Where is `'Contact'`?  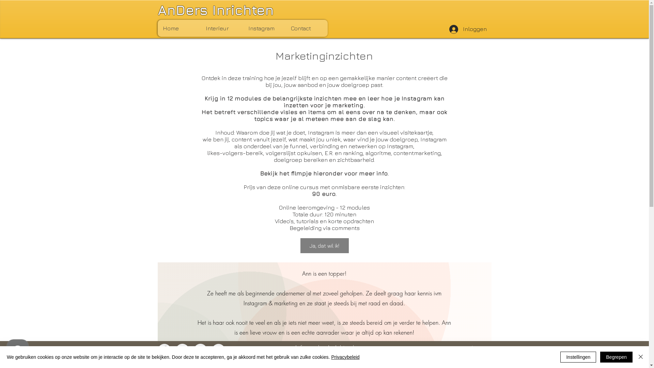
'Contact' is located at coordinates (306, 28).